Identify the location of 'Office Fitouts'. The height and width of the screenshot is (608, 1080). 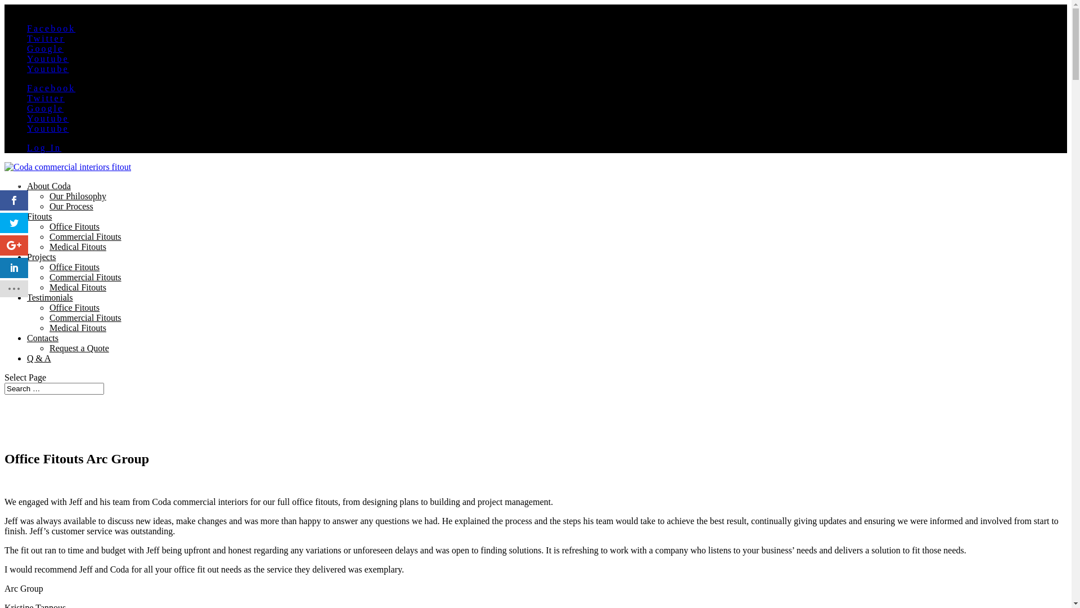
(74, 307).